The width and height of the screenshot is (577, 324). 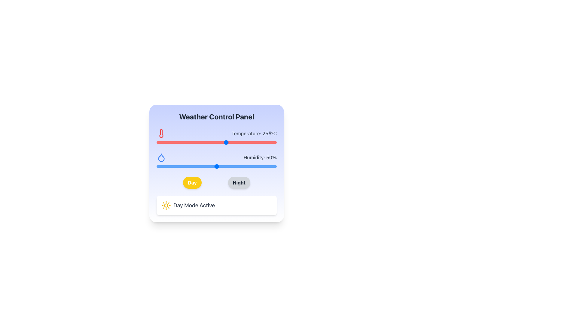 I want to click on humidity, so click(x=191, y=166).